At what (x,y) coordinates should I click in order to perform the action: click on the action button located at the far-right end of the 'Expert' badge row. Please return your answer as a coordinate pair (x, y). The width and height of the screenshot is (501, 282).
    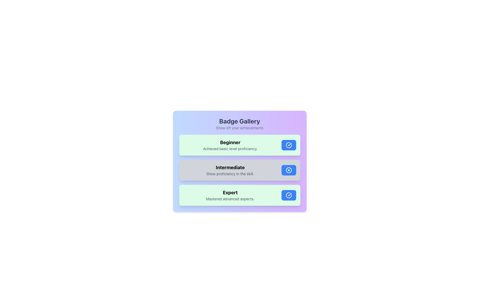
    Looking at the image, I should click on (288, 195).